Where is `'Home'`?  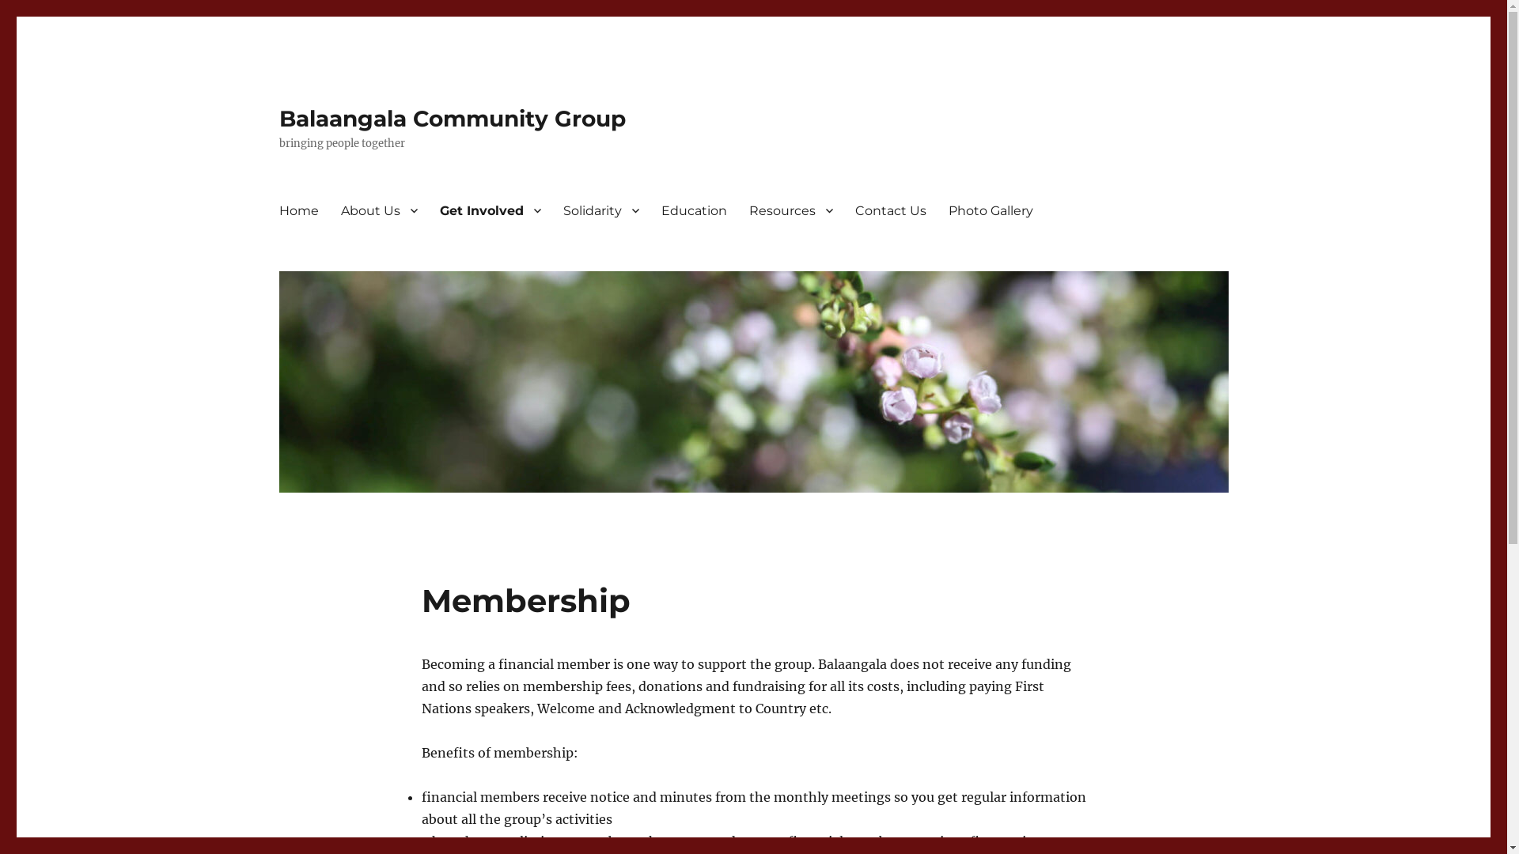
'Home' is located at coordinates (298, 210).